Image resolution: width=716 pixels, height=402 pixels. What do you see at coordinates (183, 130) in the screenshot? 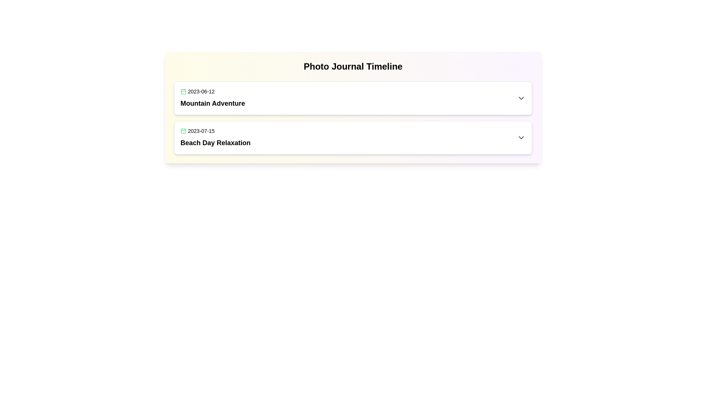
I see `the rounded rectangle within the calendar icon that is positioned to the left of the text '2023-07-15' in the second item of the vertical list` at bounding box center [183, 130].